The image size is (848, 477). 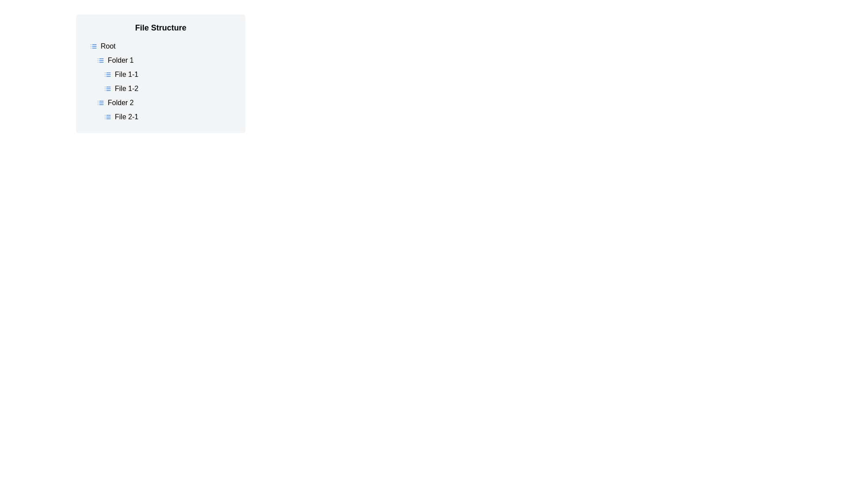 I want to click on on the 'Folder 1' text label, so click(x=120, y=60).